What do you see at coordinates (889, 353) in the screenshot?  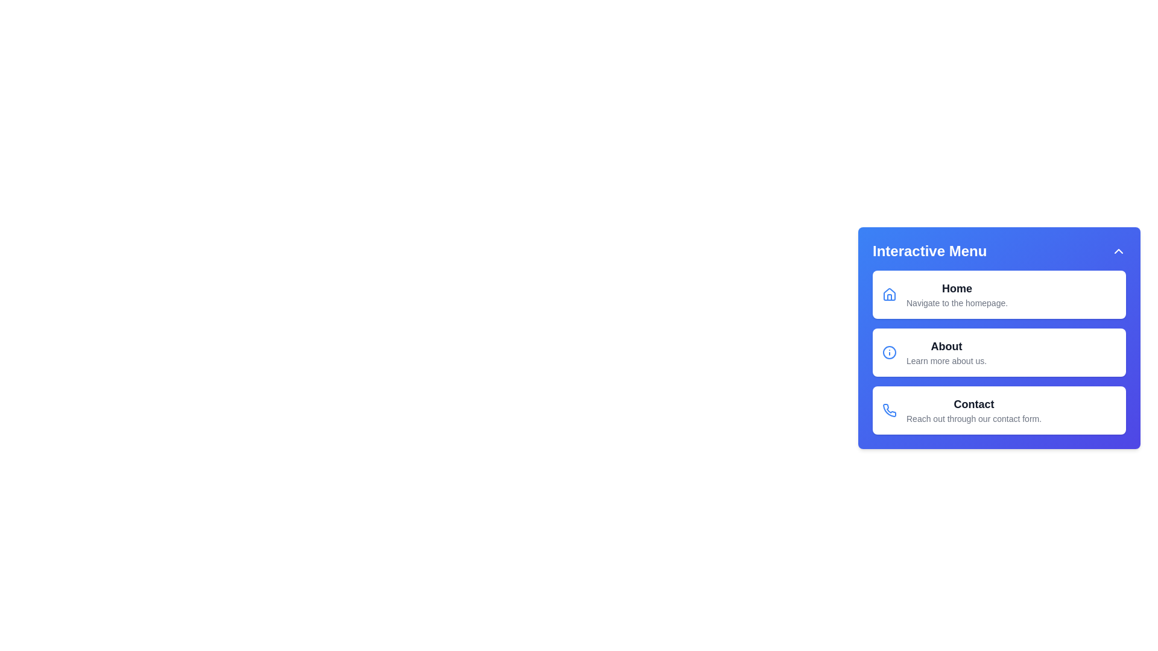 I see `the About icon to interact with it` at bounding box center [889, 353].